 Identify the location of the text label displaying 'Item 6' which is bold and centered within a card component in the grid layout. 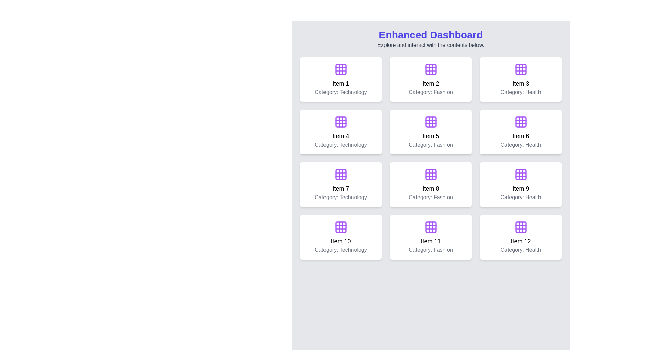
(520, 136).